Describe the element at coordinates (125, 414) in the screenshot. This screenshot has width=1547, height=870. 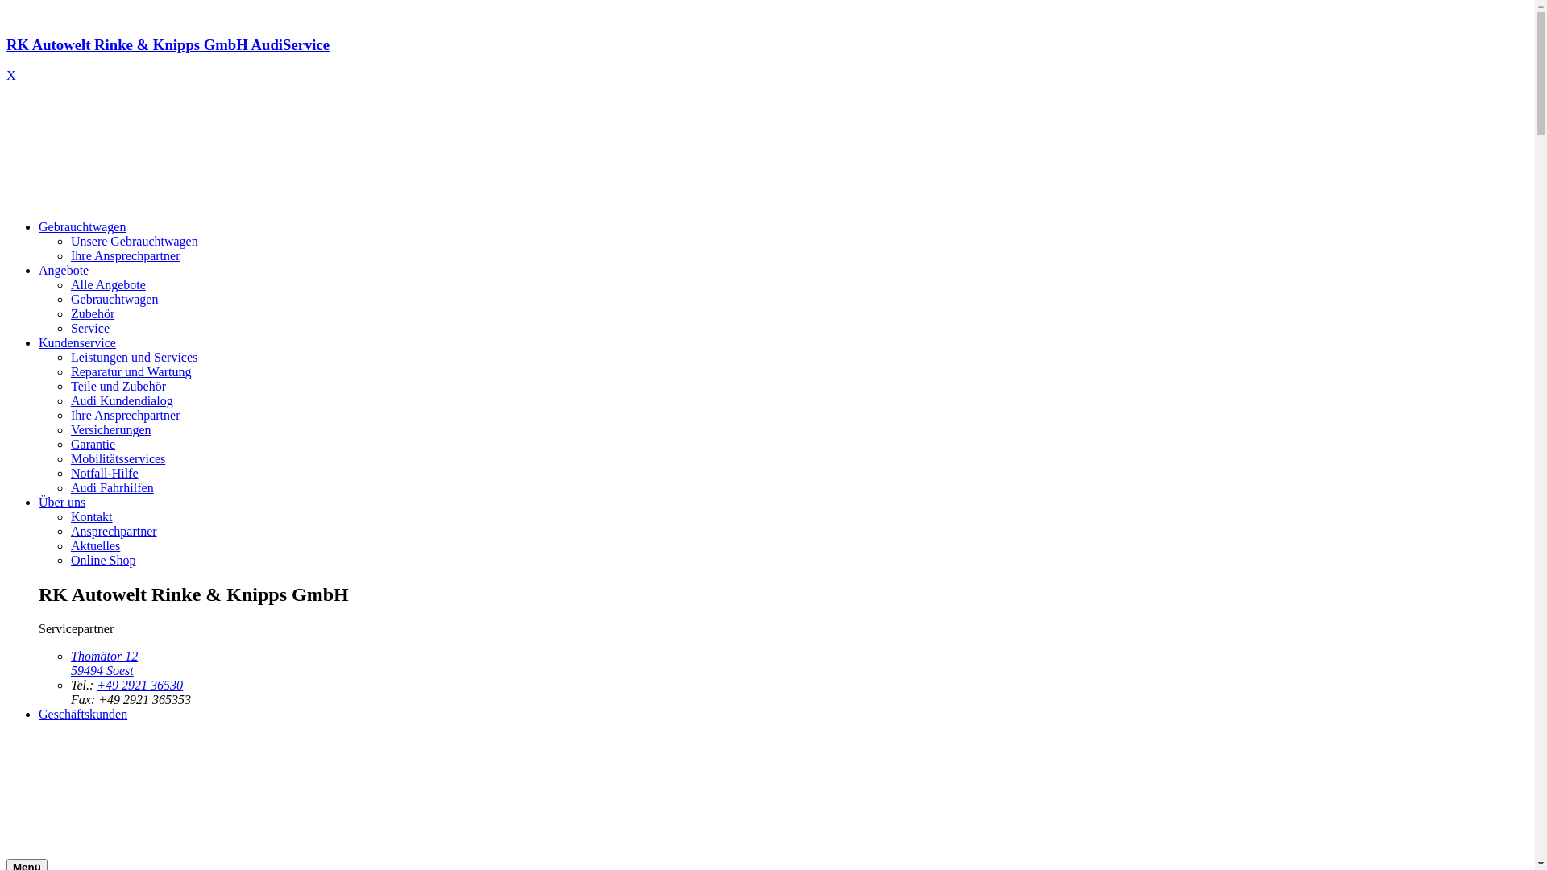
I see `'Ihre Ansprechpartner'` at that location.